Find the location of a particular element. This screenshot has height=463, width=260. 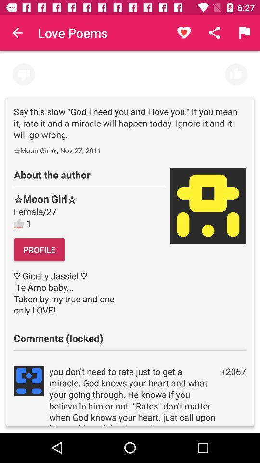

the thumbs_up icon is located at coordinates (235, 74).